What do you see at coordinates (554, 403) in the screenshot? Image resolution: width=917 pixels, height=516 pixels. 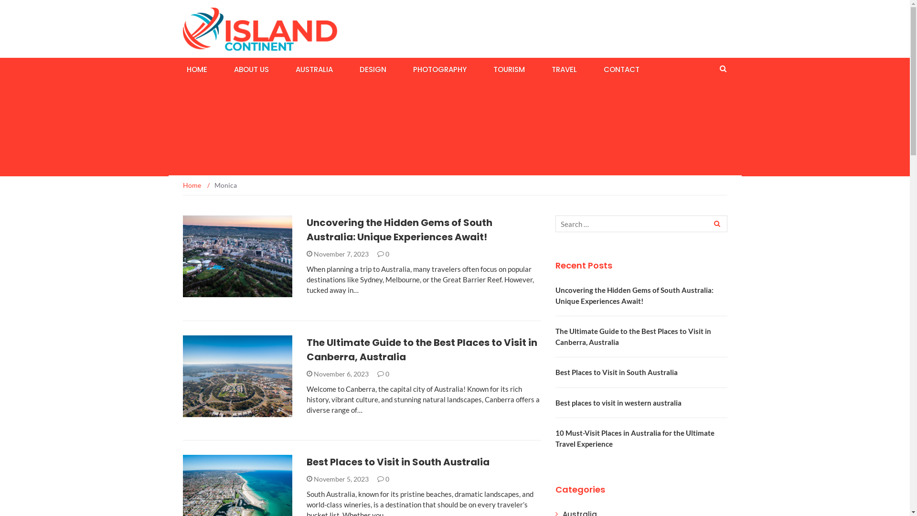 I see `'Best places to visit in western australia'` at bounding box center [554, 403].